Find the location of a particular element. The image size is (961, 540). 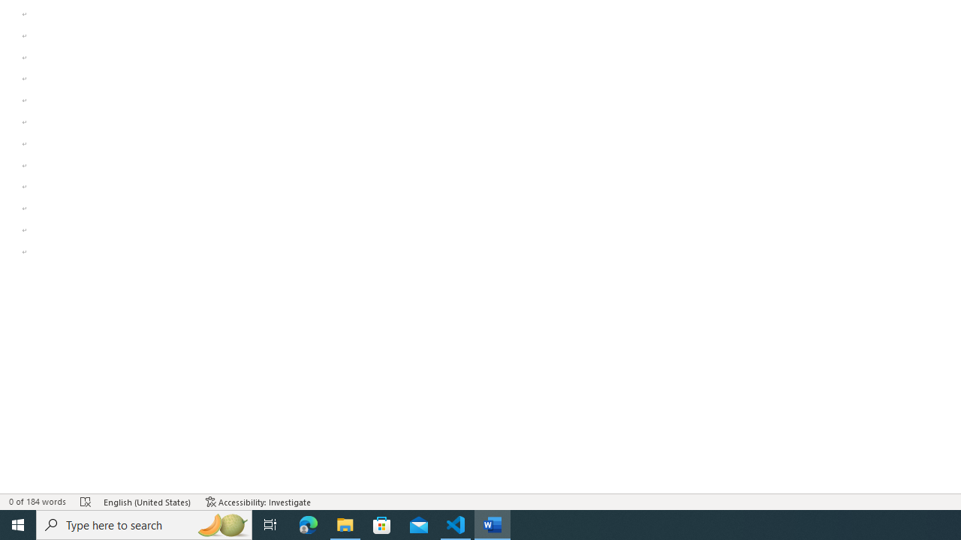

'Search highlights icon opens search home window' is located at coordinates (221, 523).